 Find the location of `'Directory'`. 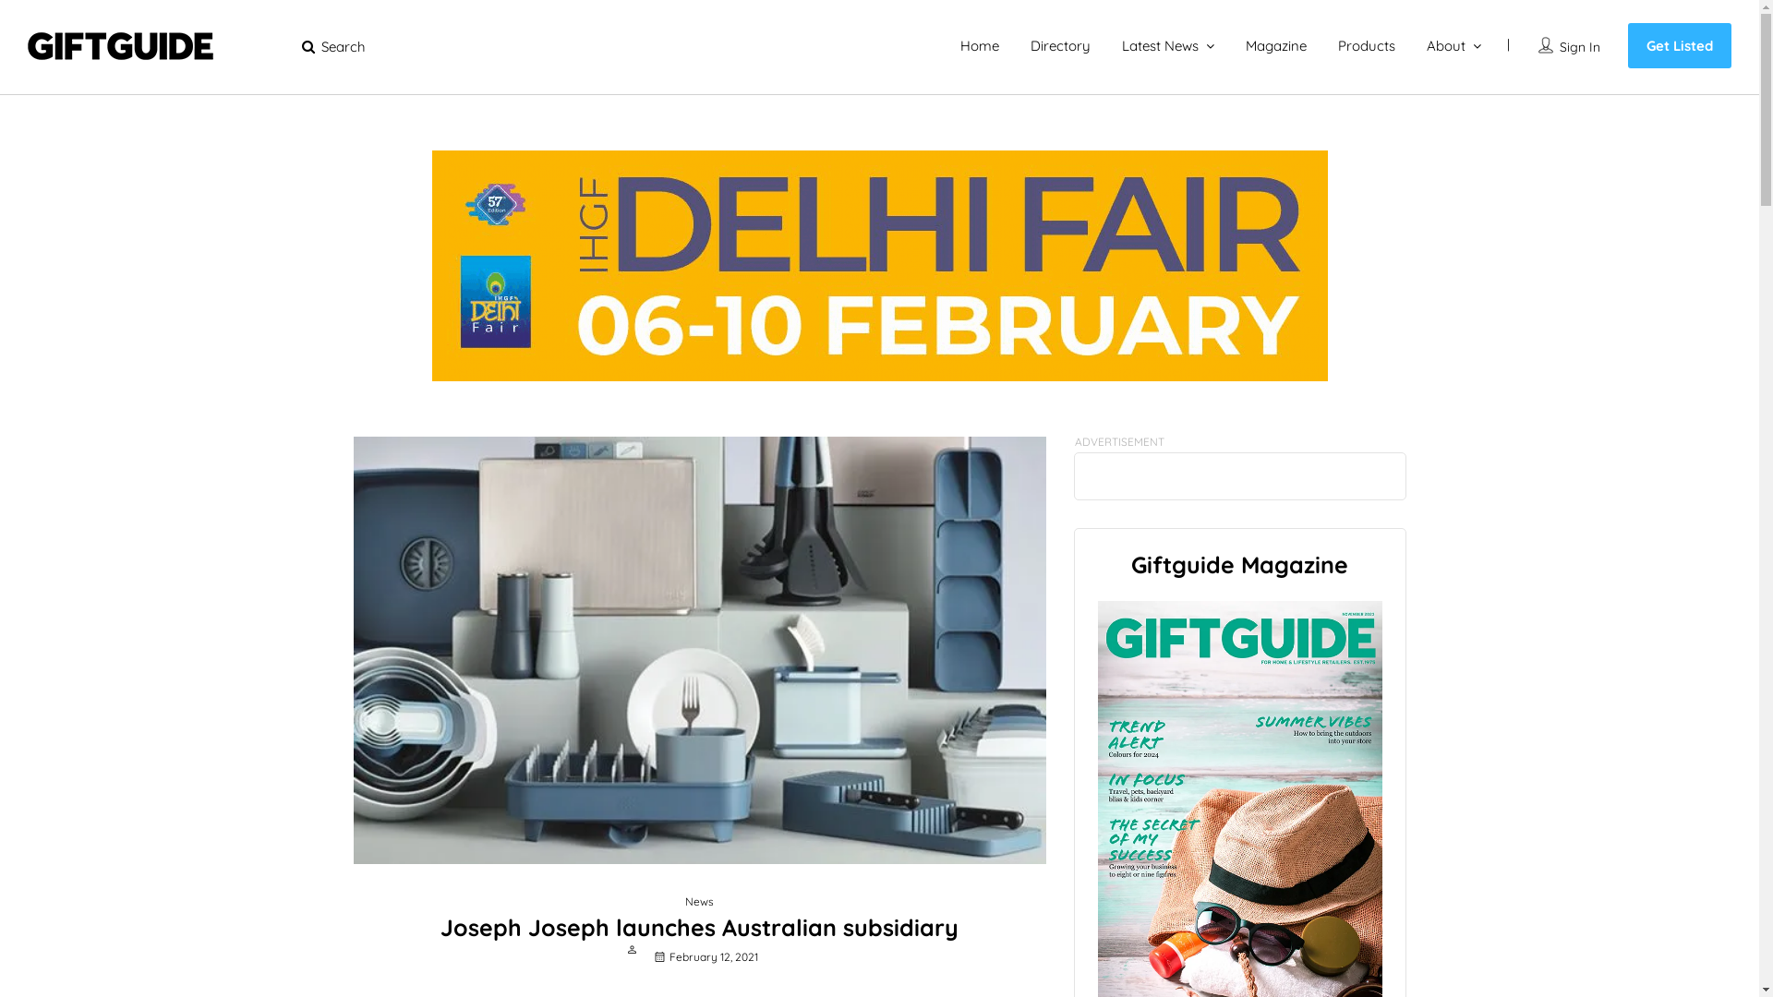

'Directory' is located at coordinates (1060, 44).